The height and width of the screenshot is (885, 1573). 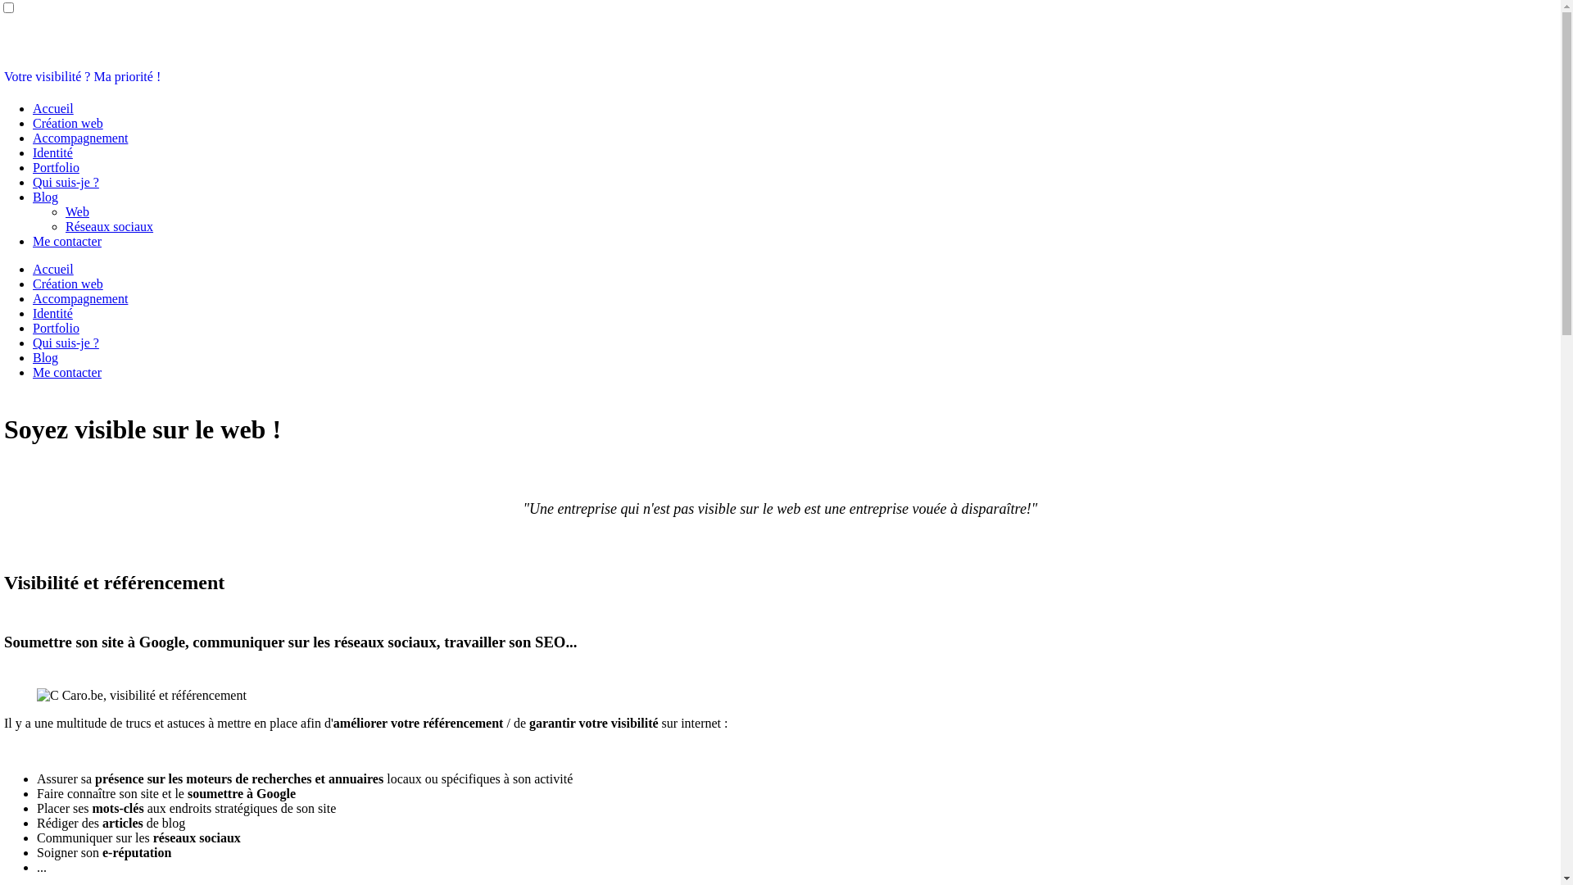 What do you see at coordinates (56, 167) in the screenshot?
I see `'Portfolio'` at bounding box center [56, 167].